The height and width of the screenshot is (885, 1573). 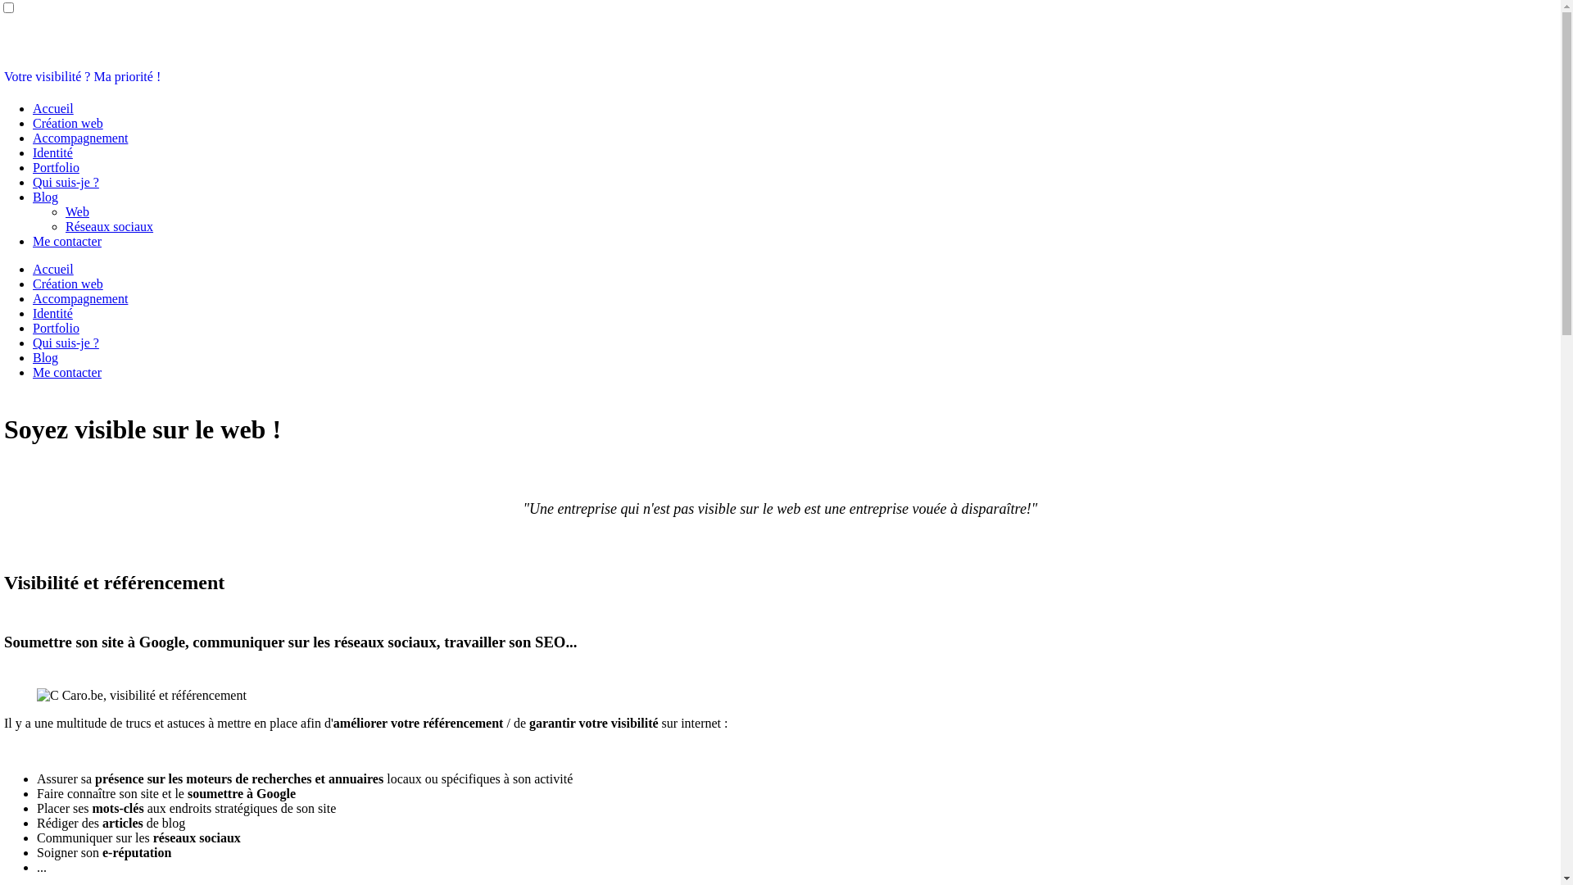 What do you see at coordinates (56, 167) in the screenshot?
I see `'Portfolio'` at bounding box center [56, 167].